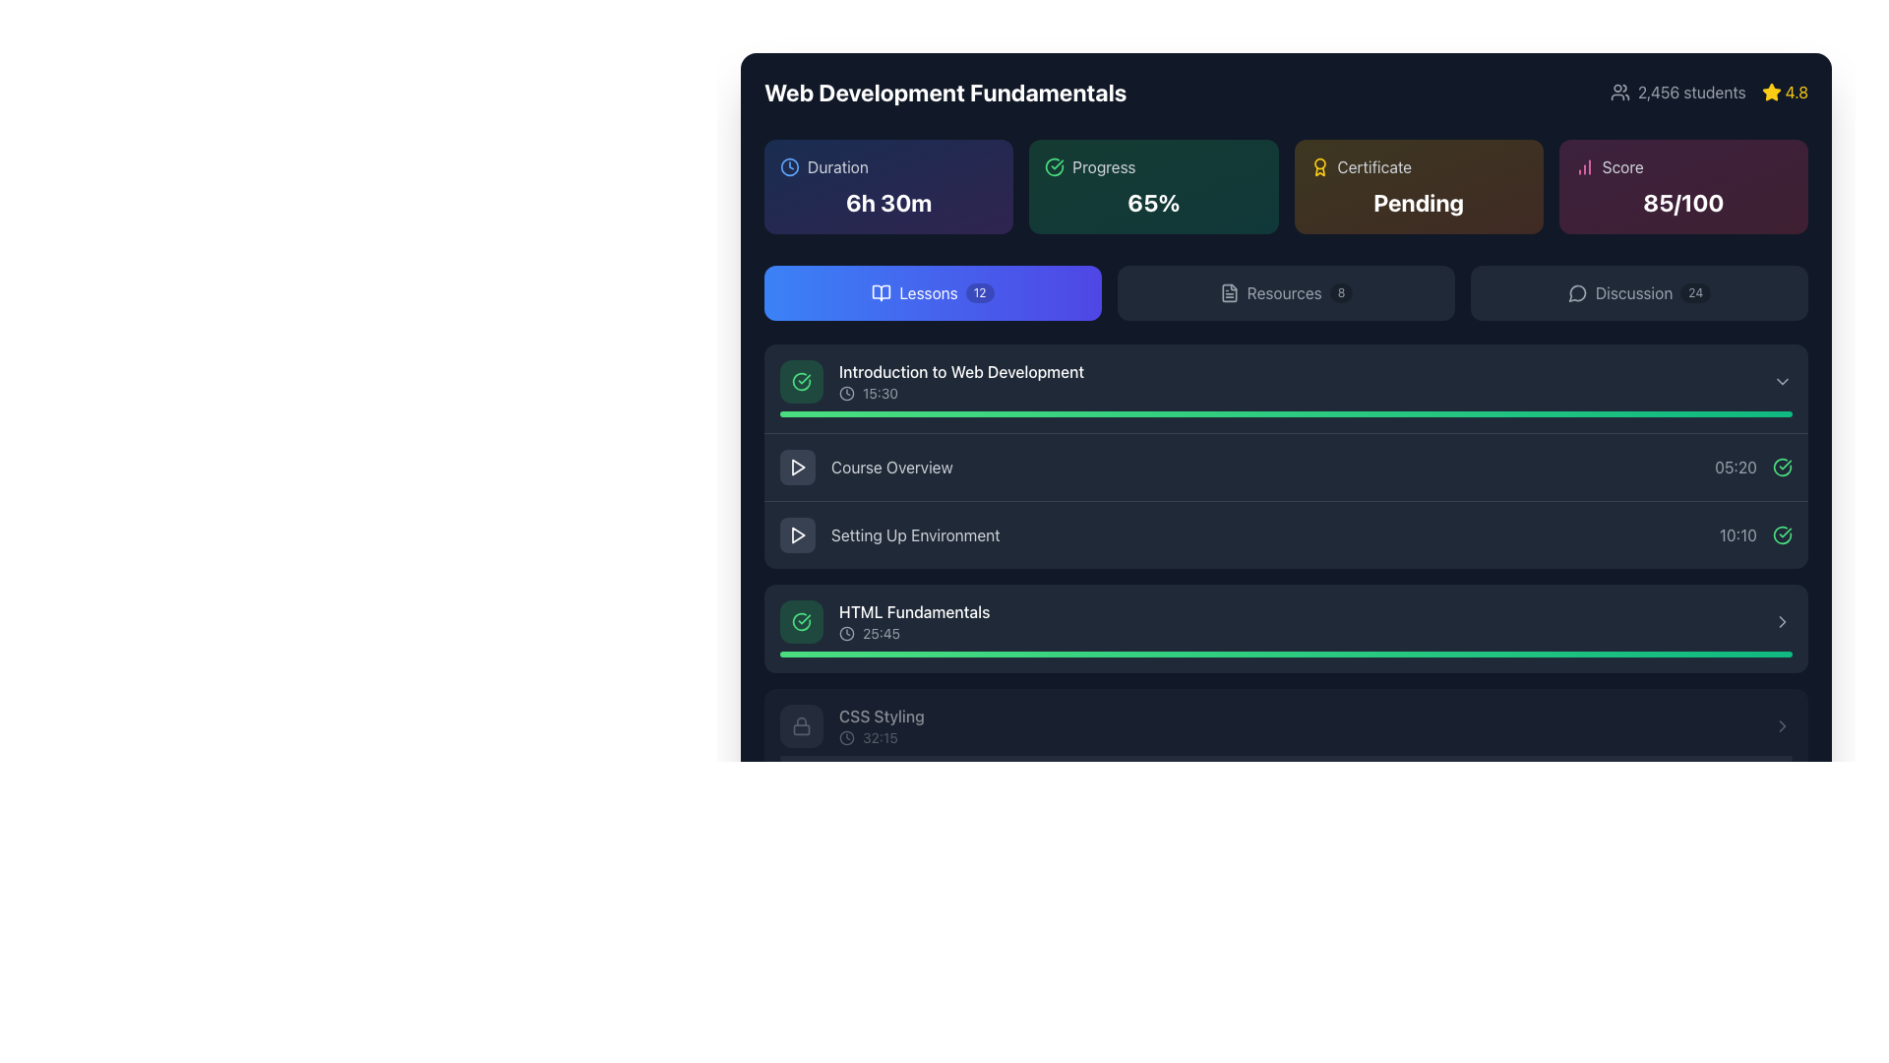  Describe the element at coordinates (881, 292) in the screenshot. I see `the left-side component of the book icon, which is part of the decorative vector graphic representing educational content, located within the blue 'Lessons' button in the toolbar` at that location.